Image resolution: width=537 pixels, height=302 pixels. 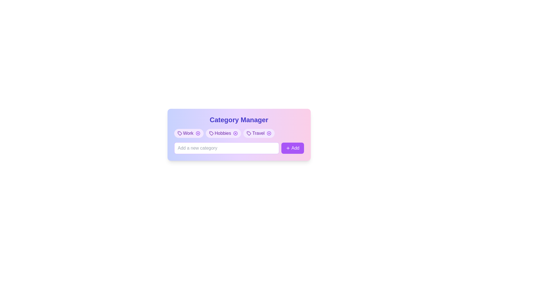 What do you see at coordinates (249, 133) in the screenshot?
I see `the 'Travel' category icon, which is positioned to the left of the text 'Travel' in the 'Category Manager' section` at bounding box center [249, 133].